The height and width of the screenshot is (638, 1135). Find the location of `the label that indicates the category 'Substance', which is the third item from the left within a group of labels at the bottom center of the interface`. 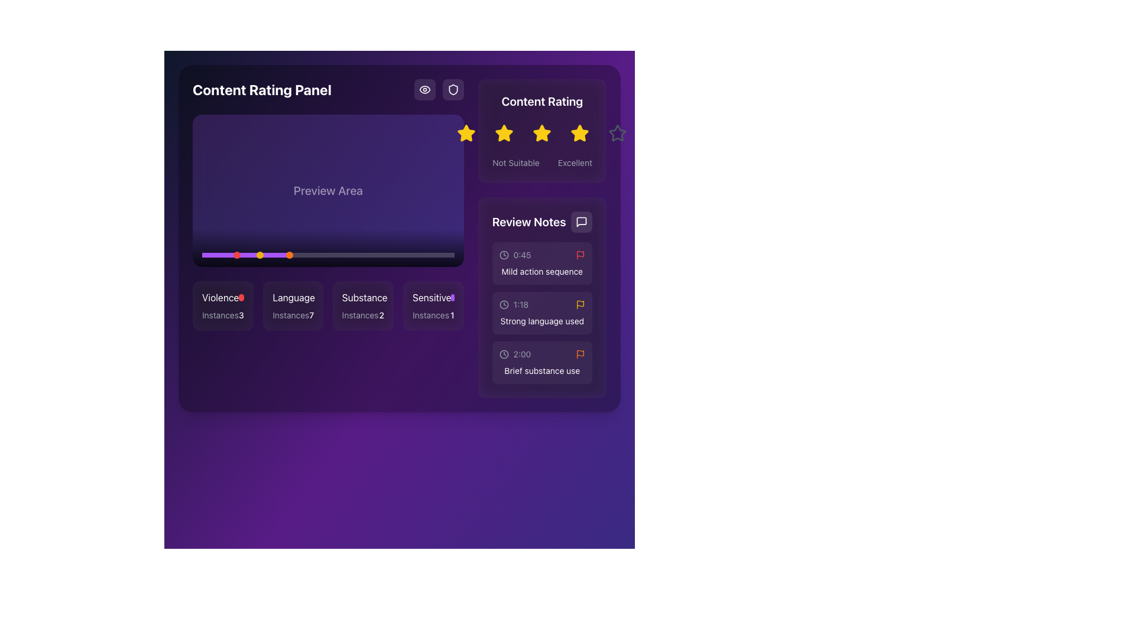

the label that indicates the category 'Substance', which is the third item from the left within a group of labels at the bottom center of the interface is located at coordinates (362, 297).